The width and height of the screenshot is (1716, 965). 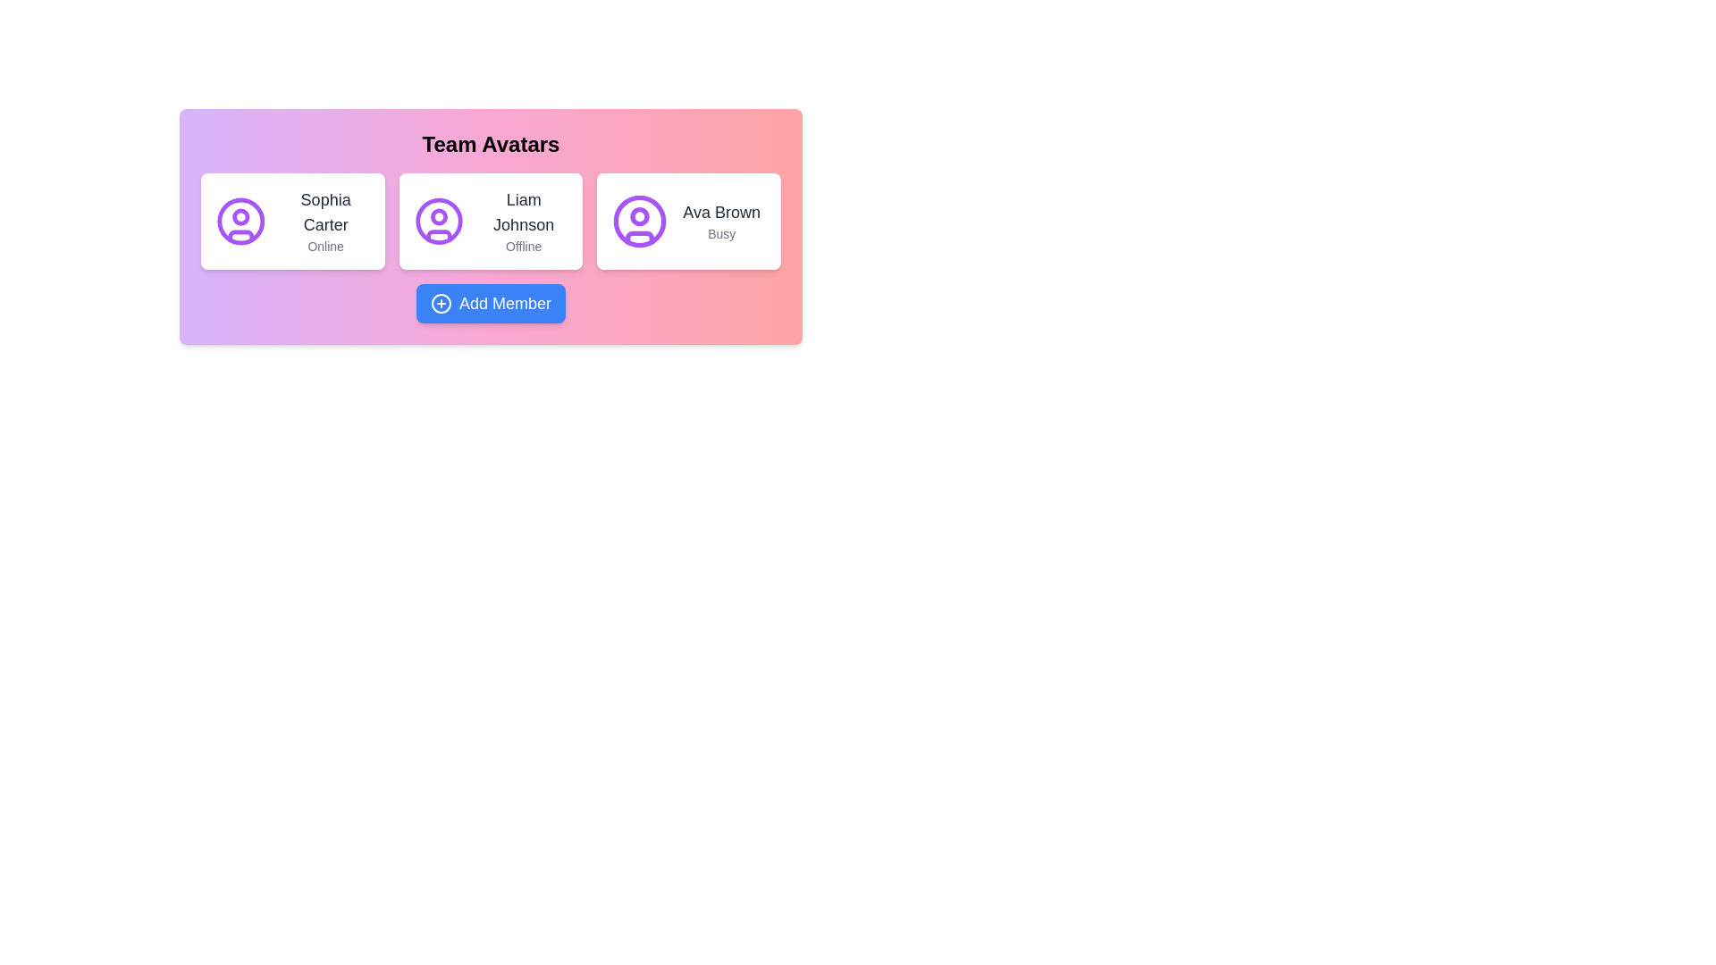 What do you see at coordinates (439, 235) in the screenshot?
I see `the graphic decoration located beneath the circular outline of the 'Liam Johnson' user avatar icon` at bounding box center [439, 235].